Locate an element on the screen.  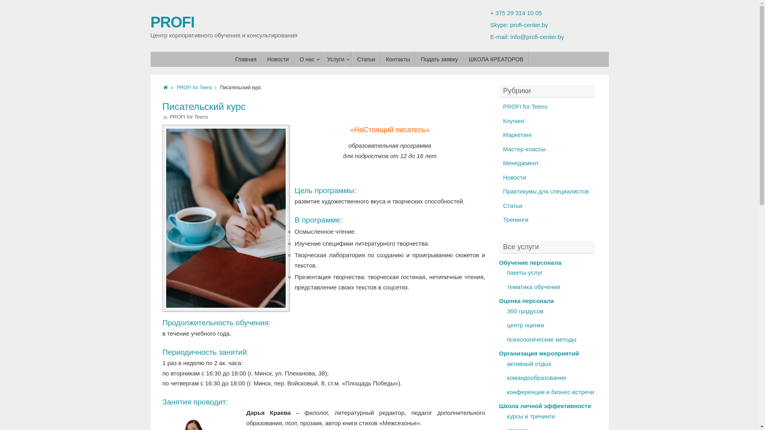
'PROFI' is located at coordinates (151, 22).